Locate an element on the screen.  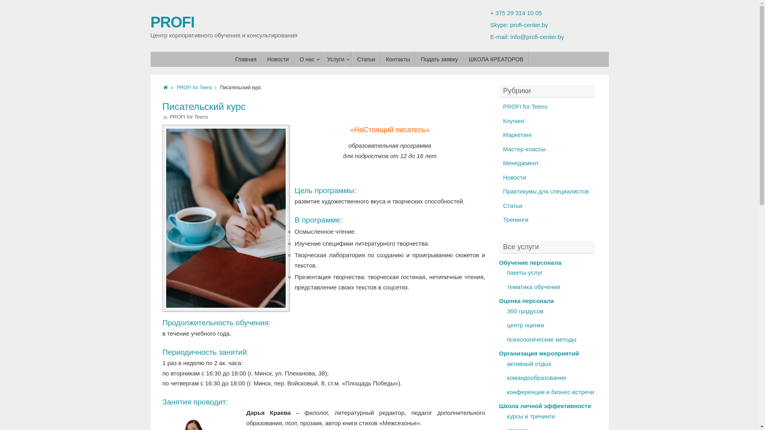
'PROFI' is located at coordinates (151, 22).